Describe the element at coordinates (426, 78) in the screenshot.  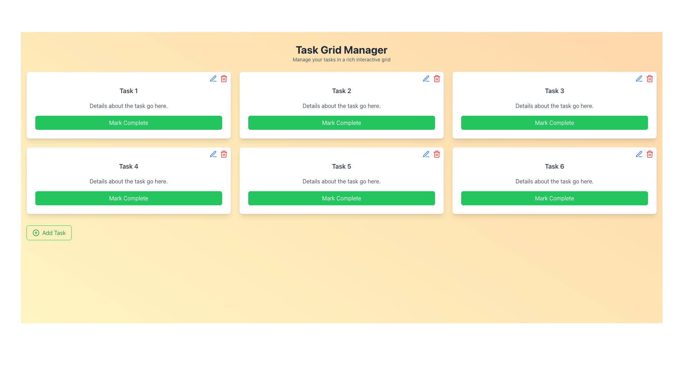
I see `the pen icon in the top-right corner of the 'Task 2' card` at that location.